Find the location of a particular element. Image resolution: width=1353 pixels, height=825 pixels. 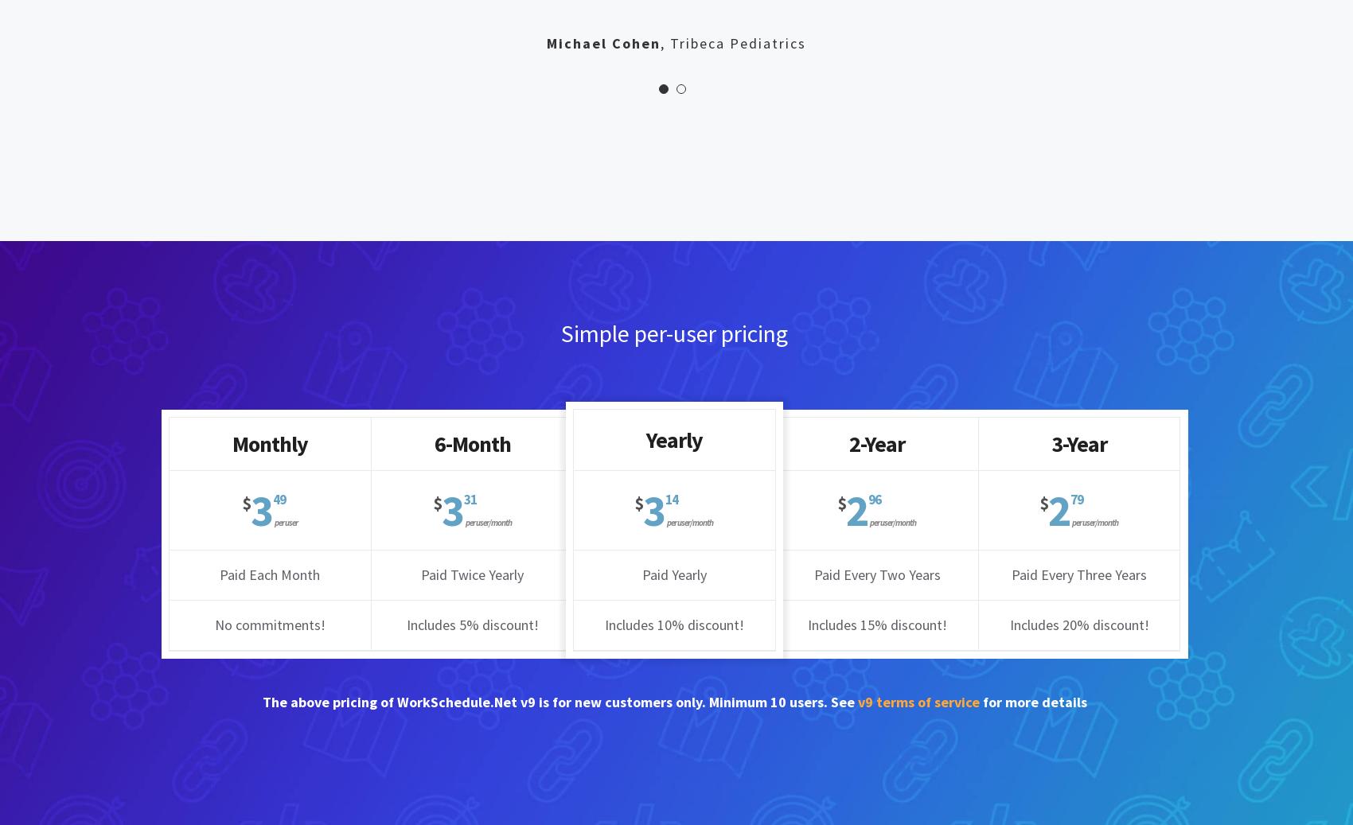

'Monthly' is located at coordinates (232, 442).